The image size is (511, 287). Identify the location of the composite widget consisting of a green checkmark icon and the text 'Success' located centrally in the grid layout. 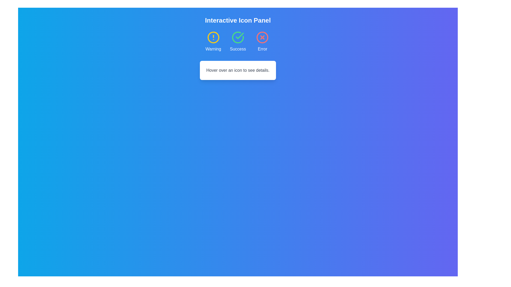
(237, 41).